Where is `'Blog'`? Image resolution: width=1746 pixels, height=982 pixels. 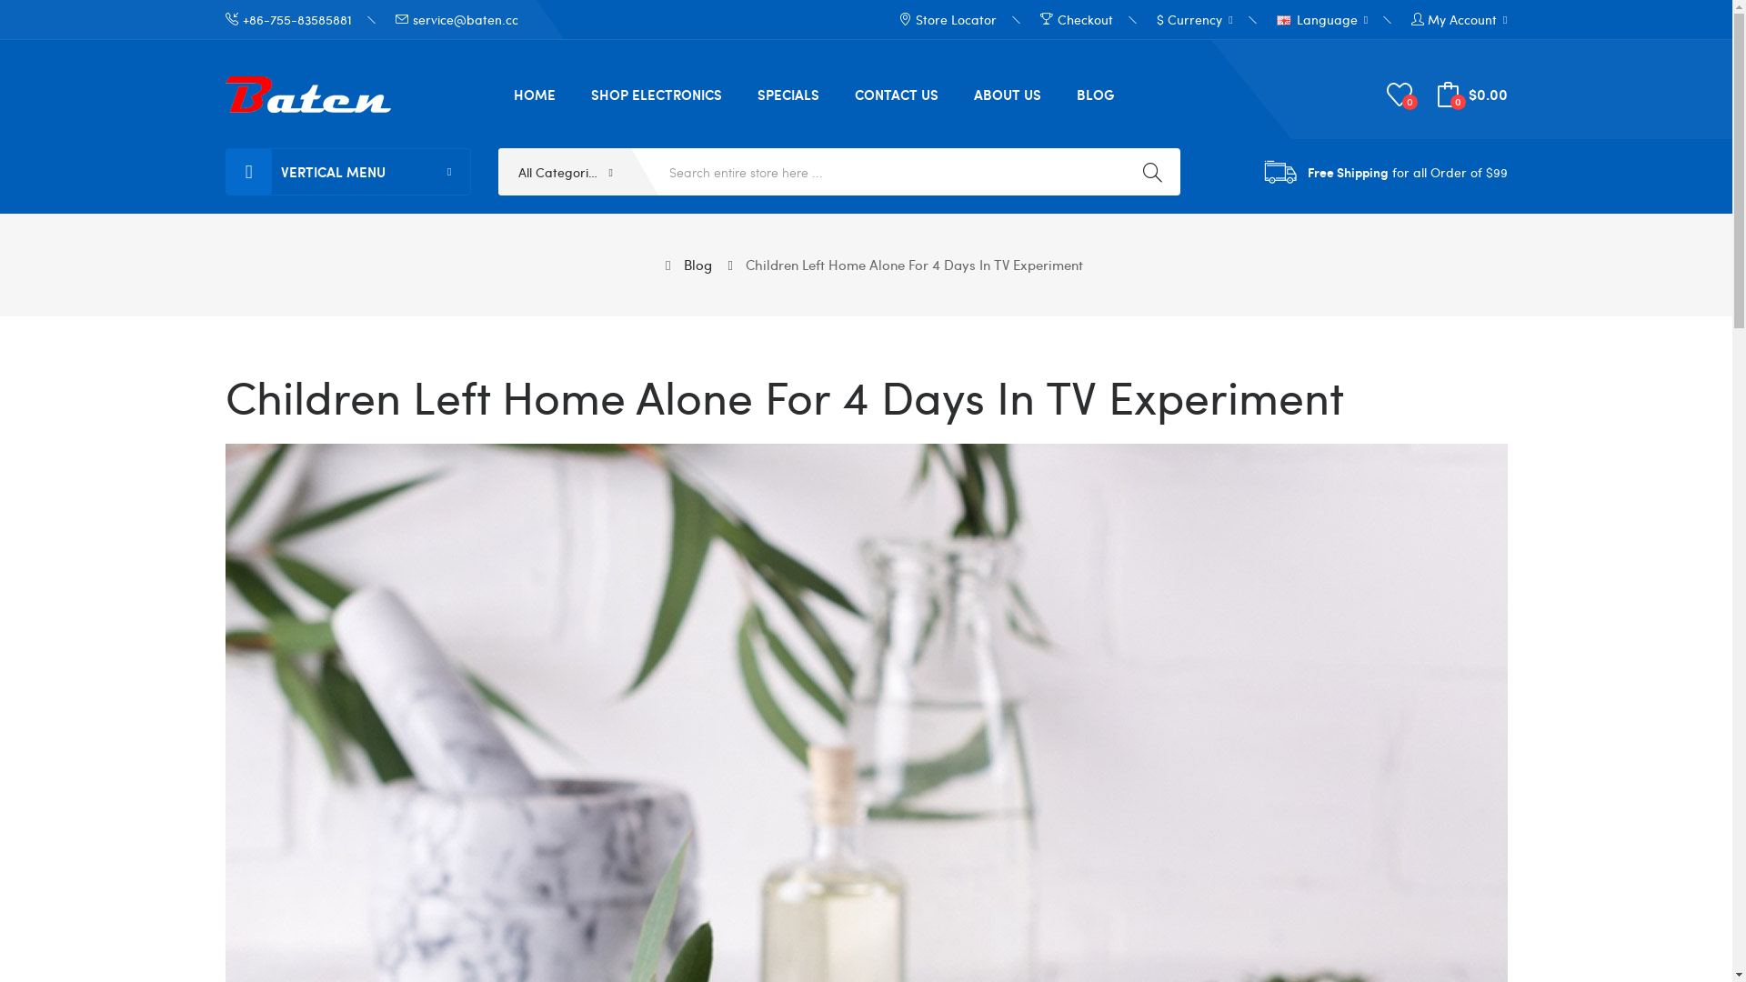
'Blog' is located at coordinates (697, 264).